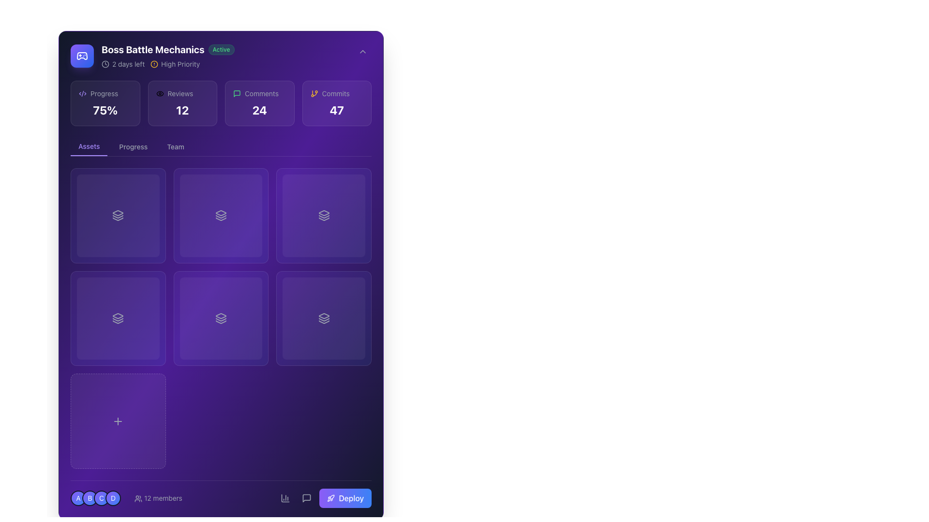 This screenshot has width=929, height=522. I want to click on the 'Progress' text label, which is a small, gray font label located near the upper left of the interface, to check for additional info if interactivity is supported, so click(104, 93).